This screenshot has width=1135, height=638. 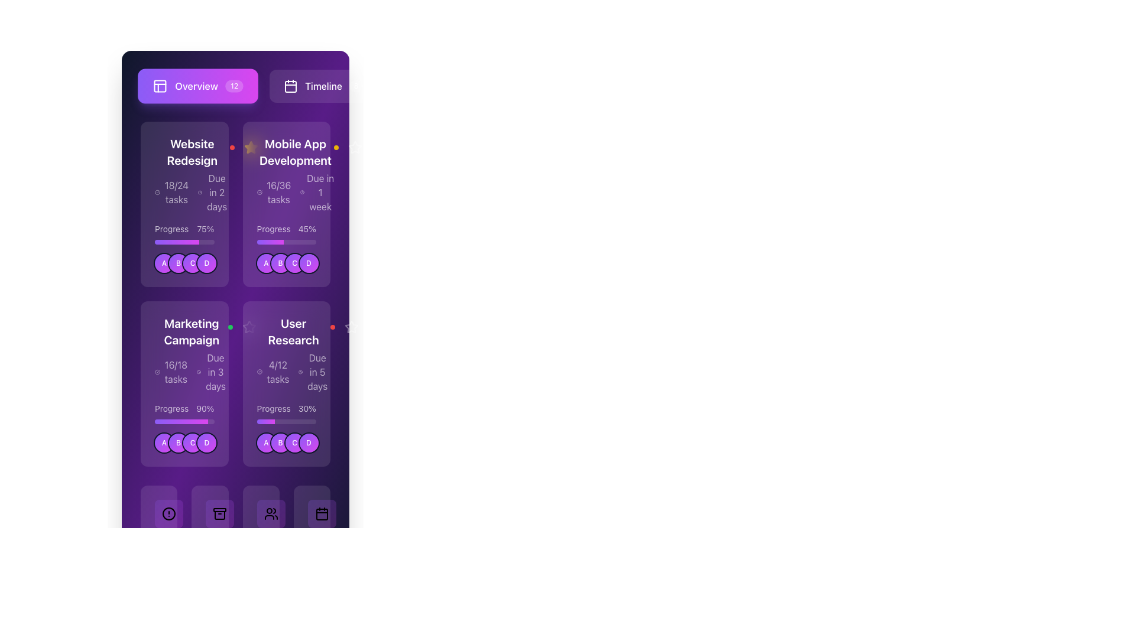 I want to click on the Text Label that displays the progress completion percentage for the 'Marketing Campaign' task, located inside the card in the lower-left corner of the primary grid, above the progress bar and below the main text, so click(x=184, y=408).